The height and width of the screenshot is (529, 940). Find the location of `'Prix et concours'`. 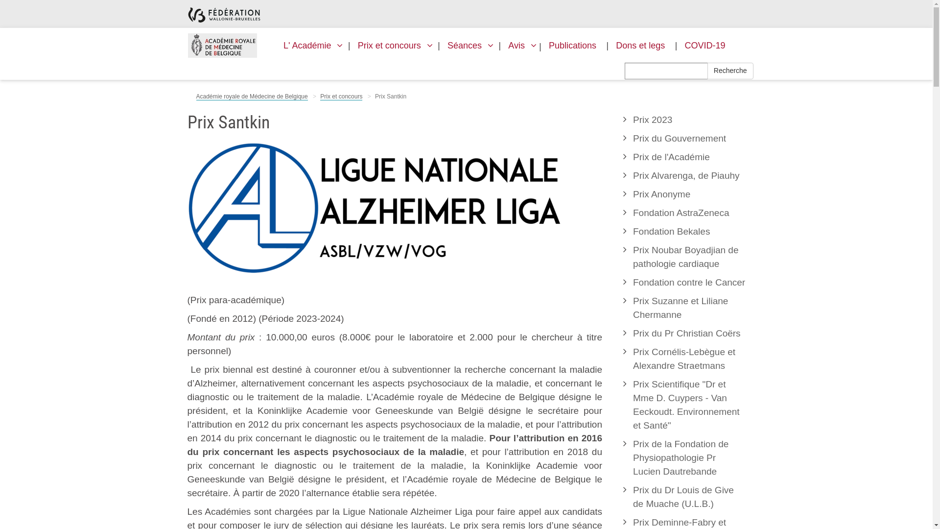

'Prix et concours' is located at coordinates (341, 96).